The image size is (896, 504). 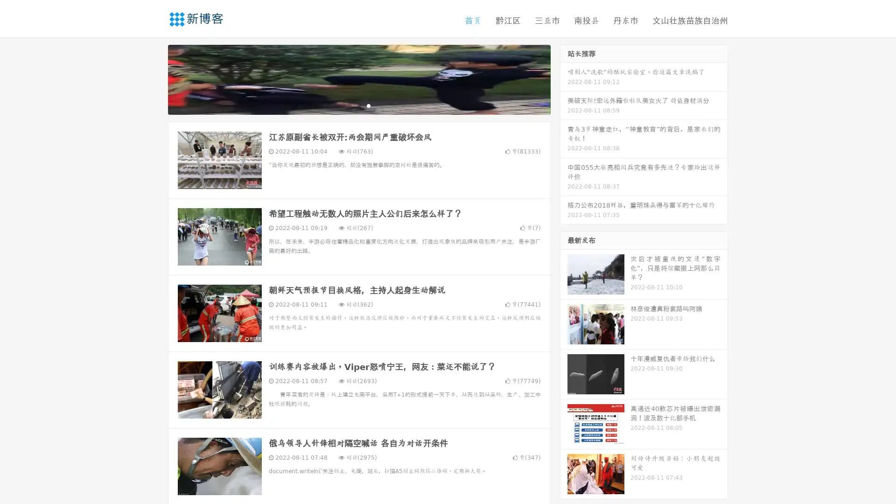 I want to click on Go to slide 3, so click(x=368, y=105).